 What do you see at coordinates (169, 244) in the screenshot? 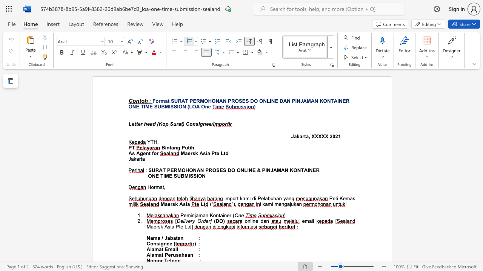
I see `the space between the continuous character "e" and "e" in the text` at bounding box center [169, 244].